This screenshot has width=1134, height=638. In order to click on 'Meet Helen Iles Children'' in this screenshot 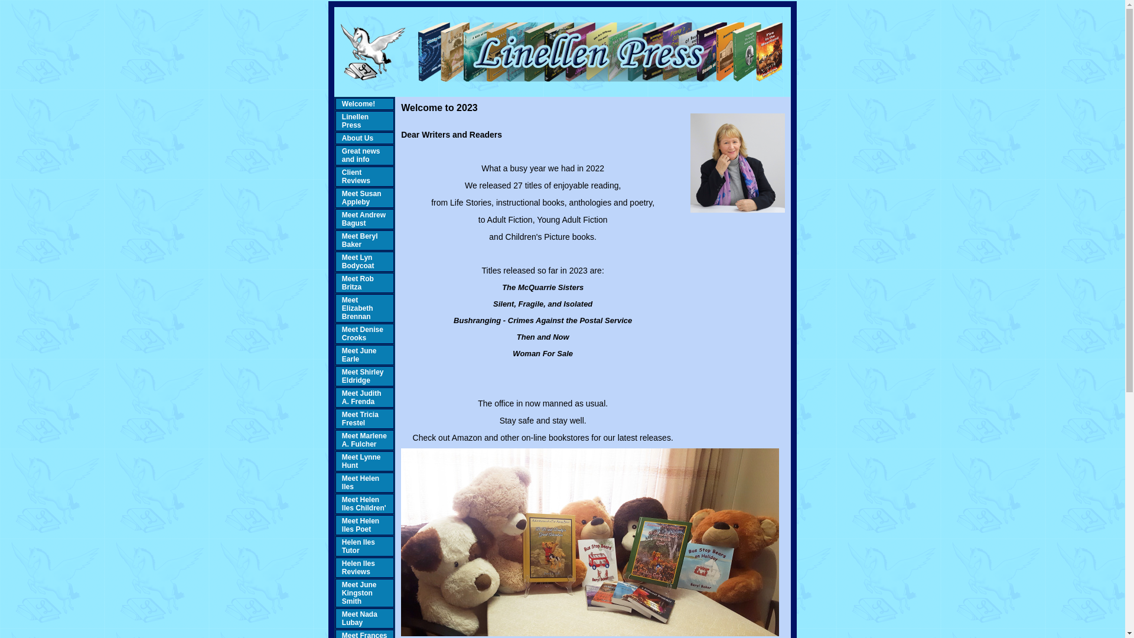, I will do `click(363, 503)`.